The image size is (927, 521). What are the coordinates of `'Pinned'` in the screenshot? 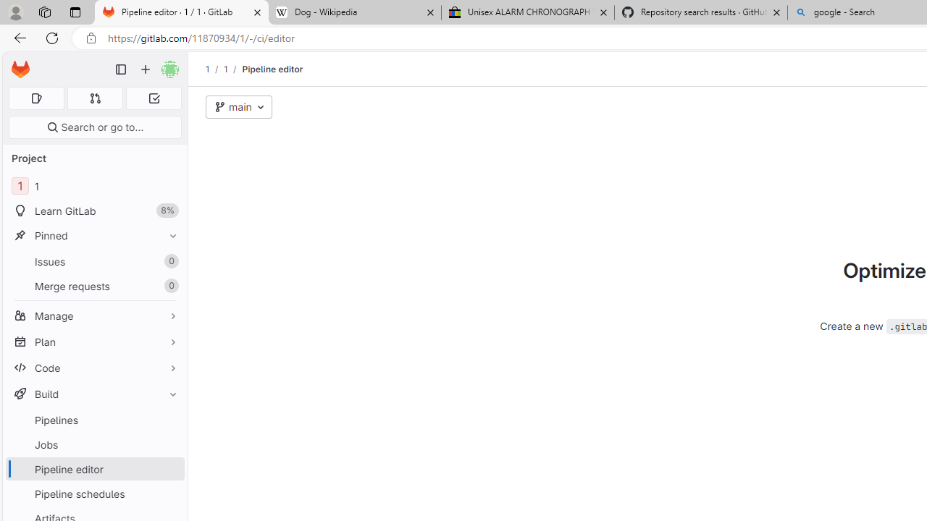 It's located at (94, 234).